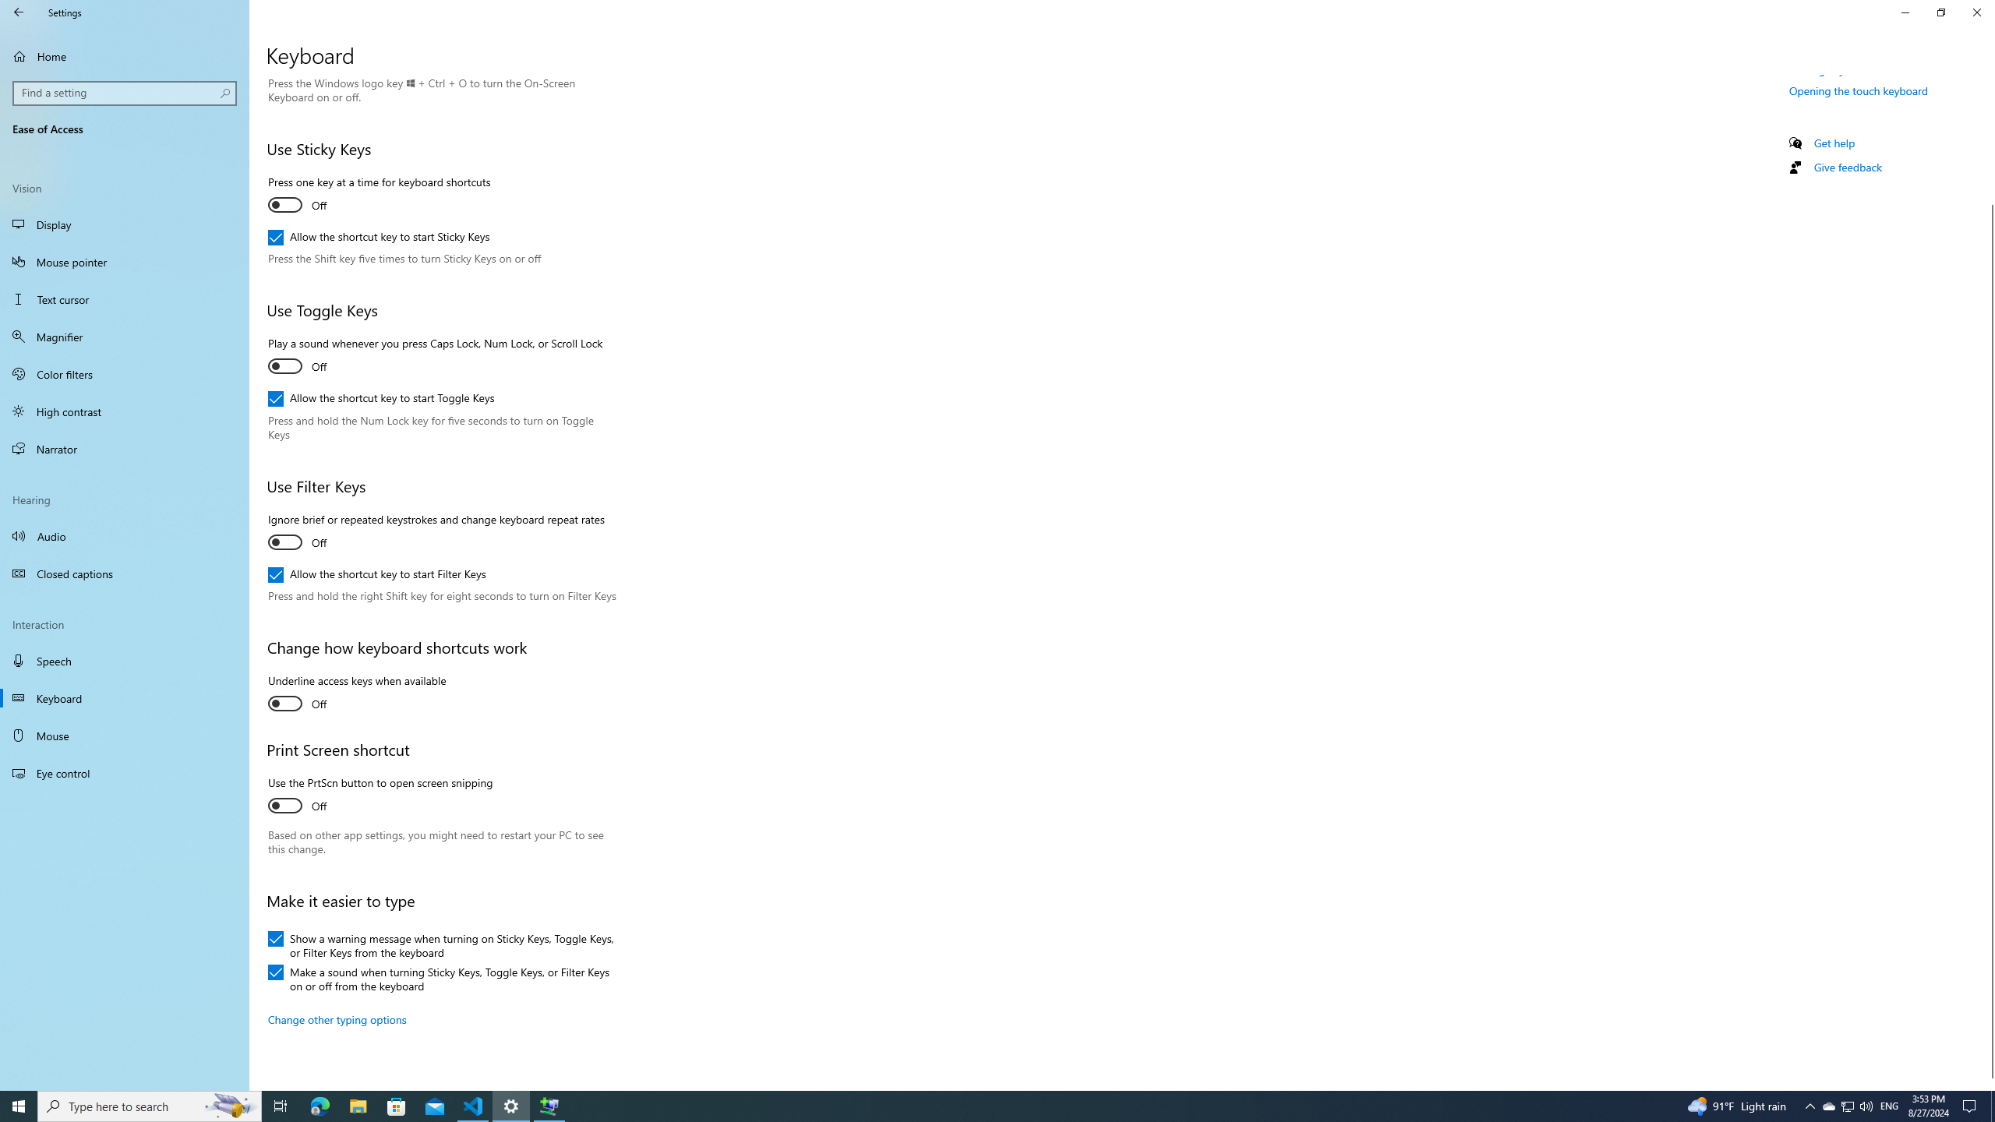 The height and width of the screenshot is (1122, 1995). What do you see at coordinates (124, 373) in the screenshot?
I see `'Color filters'` at bounding box center [124, 373].